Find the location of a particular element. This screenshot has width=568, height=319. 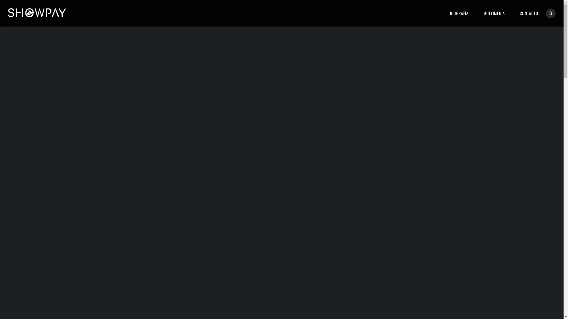

'Buscando...' is located at coordinates (545, 13).